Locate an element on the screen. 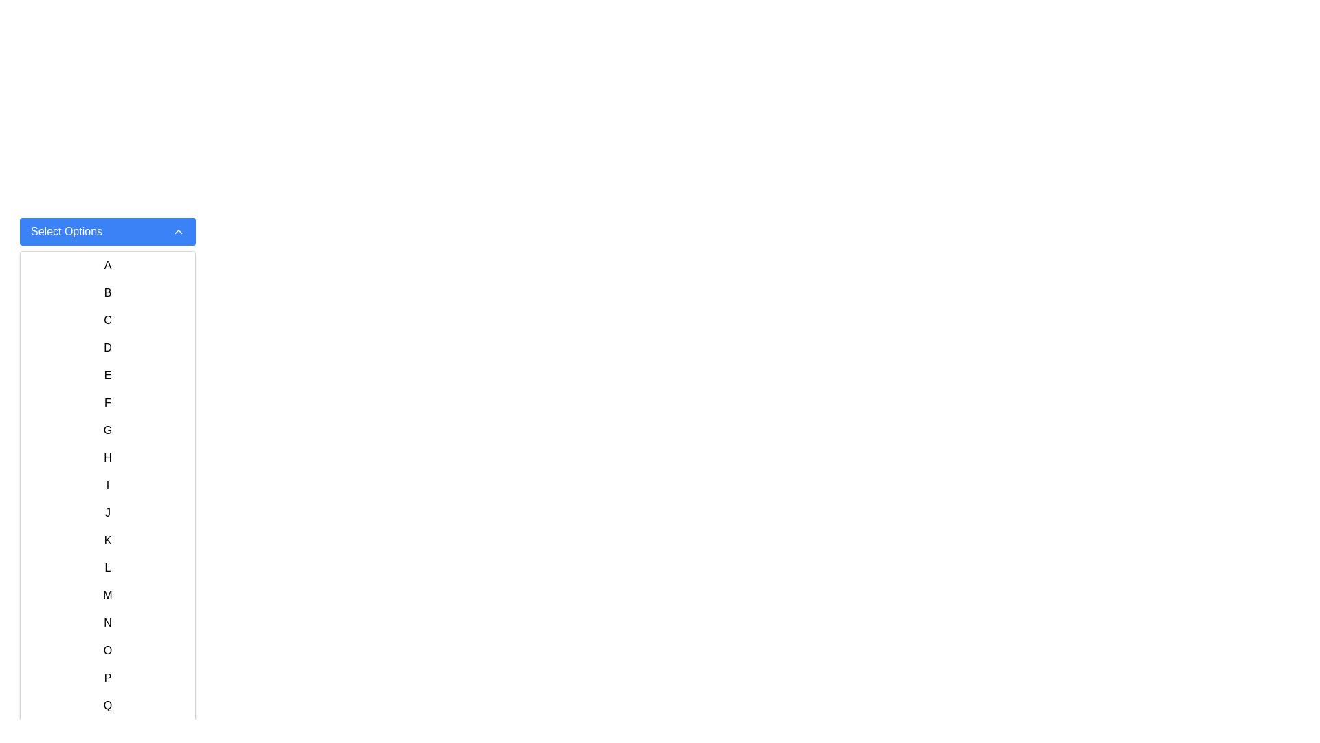 This screenshot has height=743, width=1320. the list item displaying the character 'H' by moving the cursor to its center point for interaction is located at coordinates (107, 458).